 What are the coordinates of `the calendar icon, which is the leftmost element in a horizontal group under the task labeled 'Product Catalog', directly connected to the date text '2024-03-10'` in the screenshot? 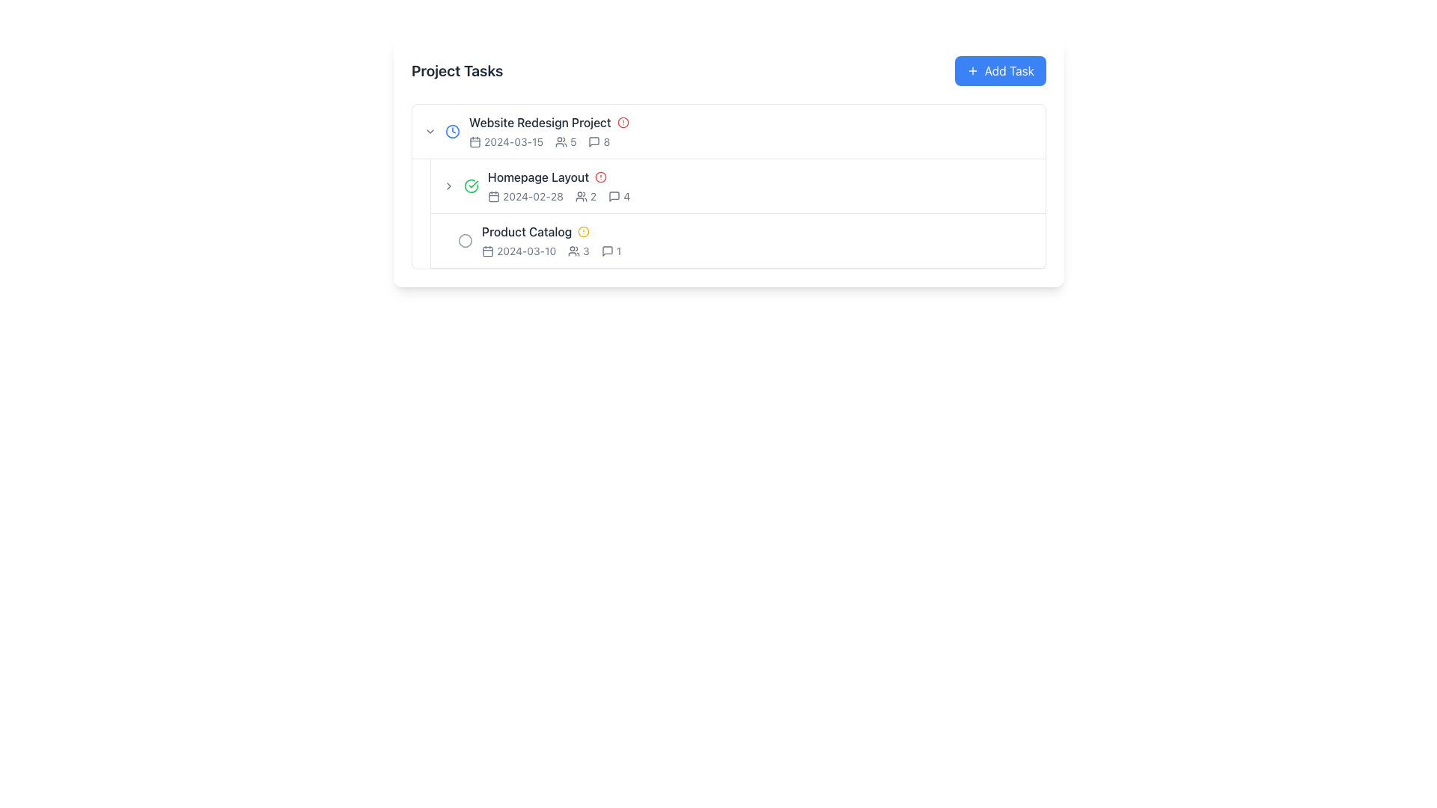 It's located at (488, 250).